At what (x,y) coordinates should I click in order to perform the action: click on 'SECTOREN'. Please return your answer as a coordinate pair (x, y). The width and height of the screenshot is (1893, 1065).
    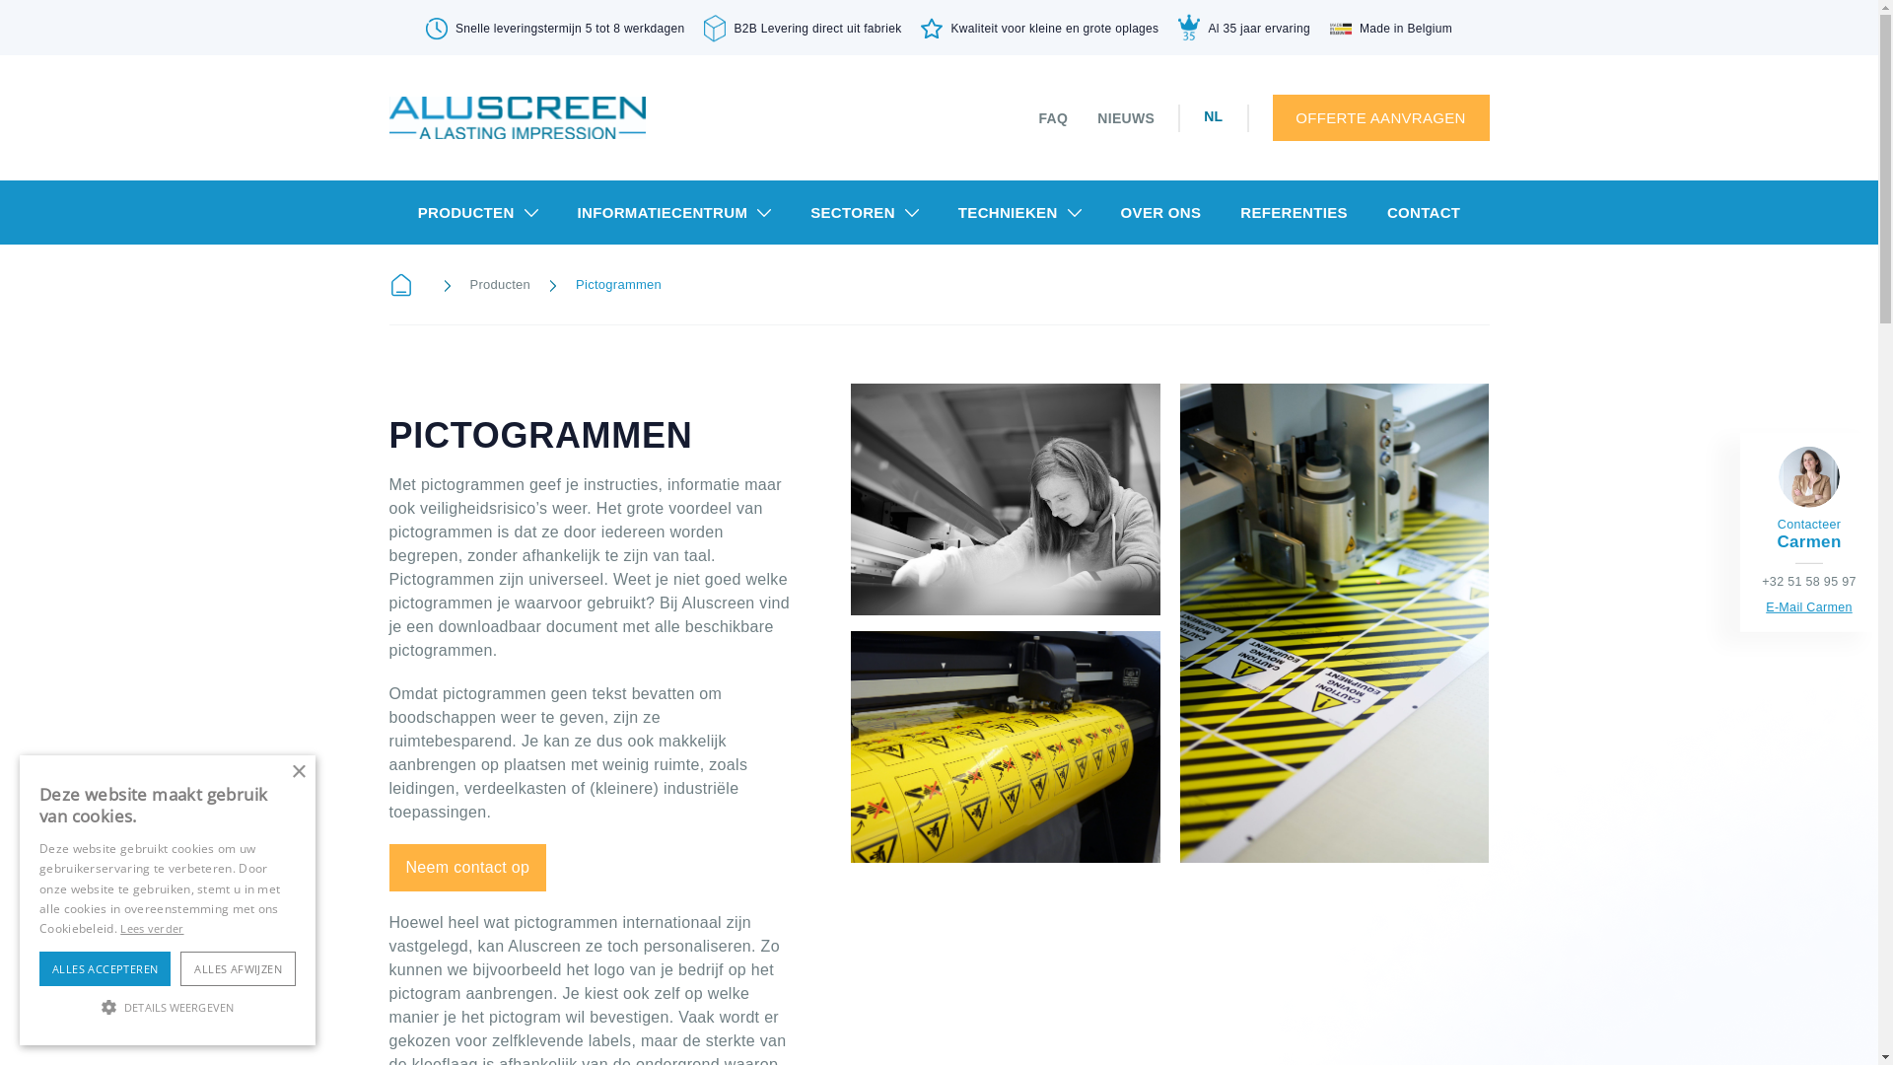
    Looking at the image, I should click on (865, 212).